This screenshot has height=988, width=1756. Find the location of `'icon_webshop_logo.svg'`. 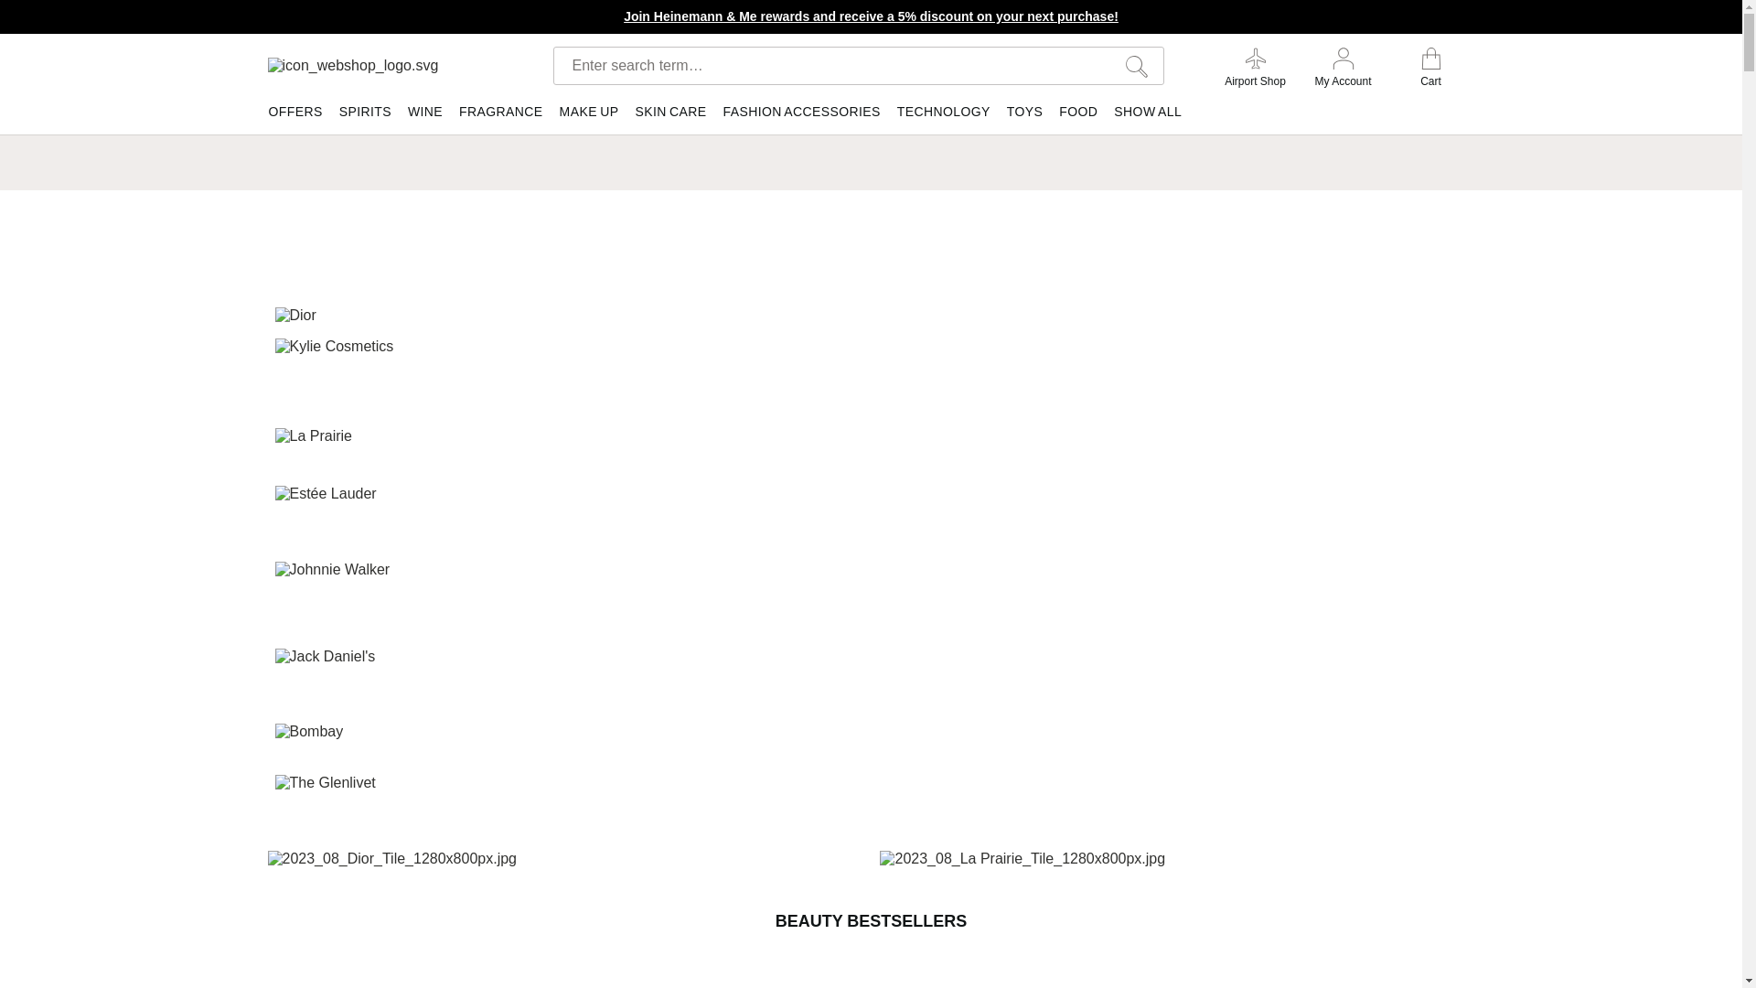

'icon_webshop_logo.svg' is located at coordinates (386, 65).